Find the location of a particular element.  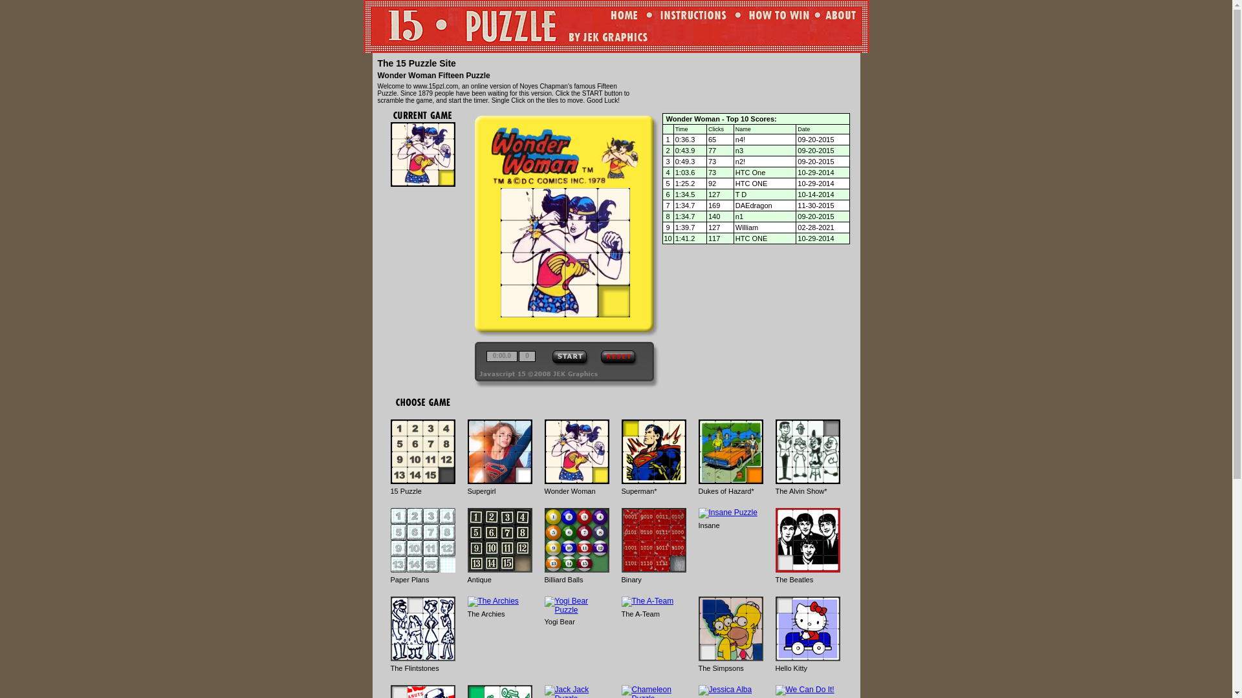

'Superman Puzzle' is located at coordinates (653, 450).